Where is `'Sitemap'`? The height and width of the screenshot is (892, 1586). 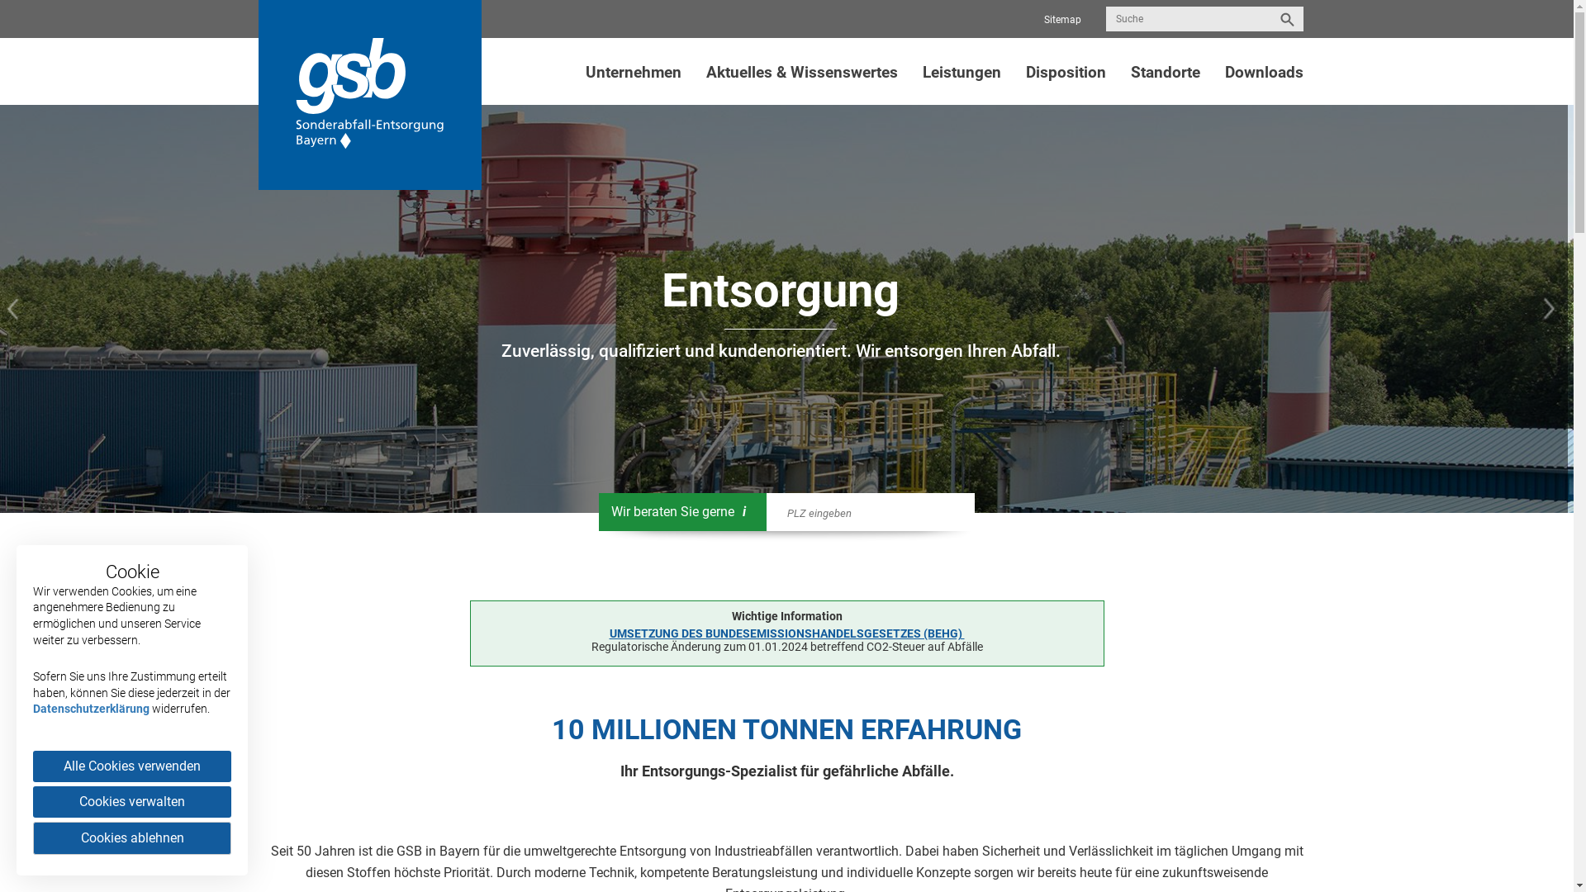 'Sitemap' is located at coordinates (1042, 19).